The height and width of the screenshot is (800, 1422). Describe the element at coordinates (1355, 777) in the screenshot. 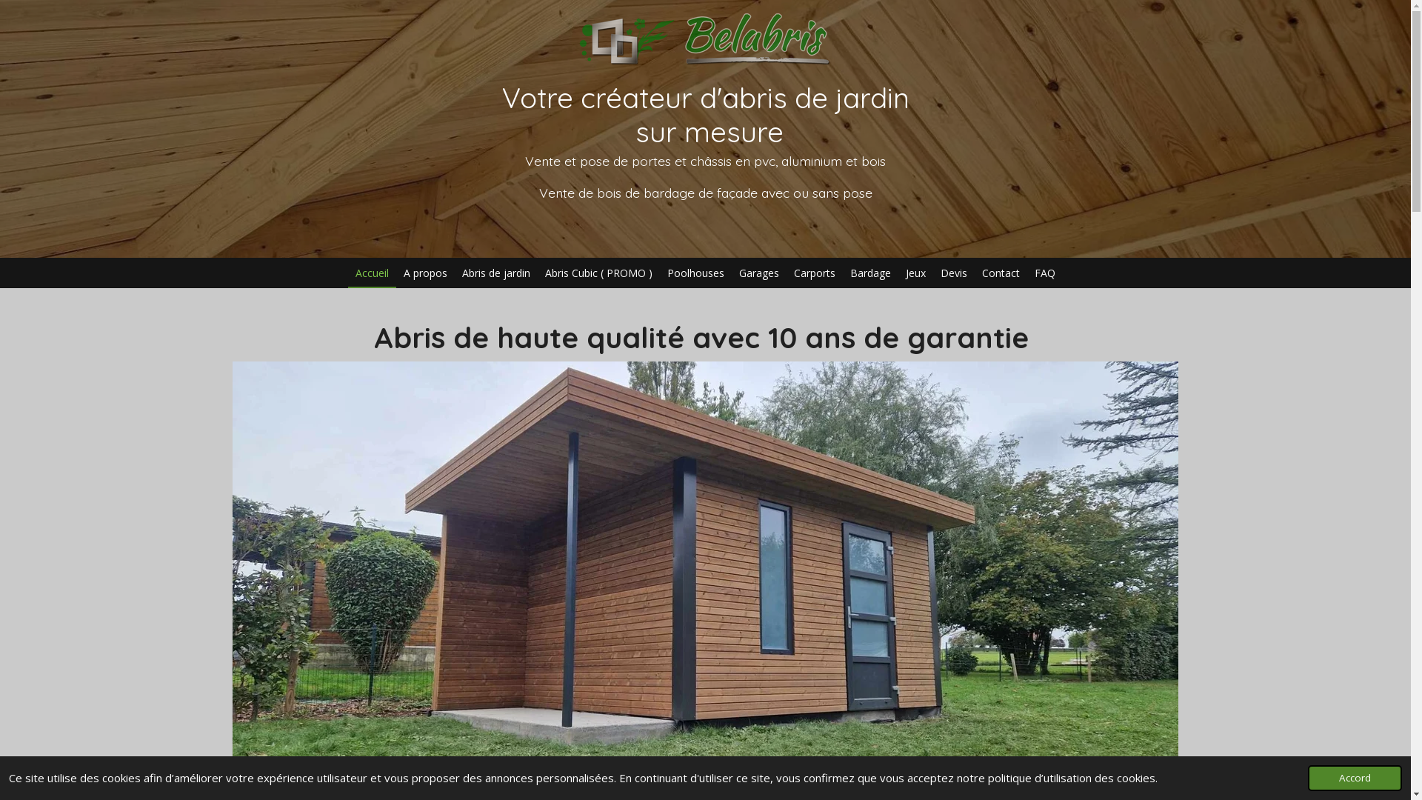

I see `'Accord'` at that location.